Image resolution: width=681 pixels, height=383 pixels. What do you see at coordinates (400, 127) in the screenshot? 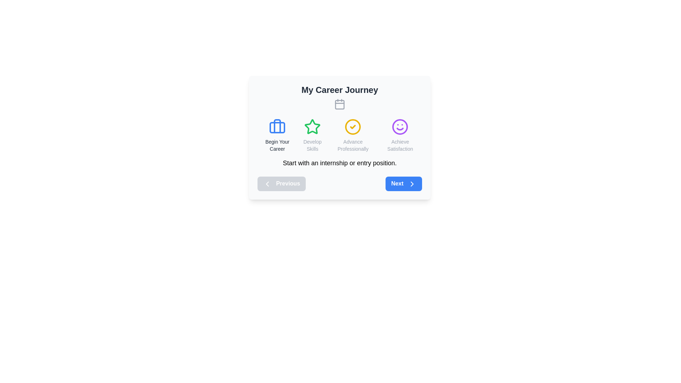
I see `the purple smiley face icon with a circular outline under the 'My Career Journey' section, which is the fourth icon in the horizontal arrangement, accompanied by the text 'Achieve Satisfaction'` at bounding box center [400, 127].